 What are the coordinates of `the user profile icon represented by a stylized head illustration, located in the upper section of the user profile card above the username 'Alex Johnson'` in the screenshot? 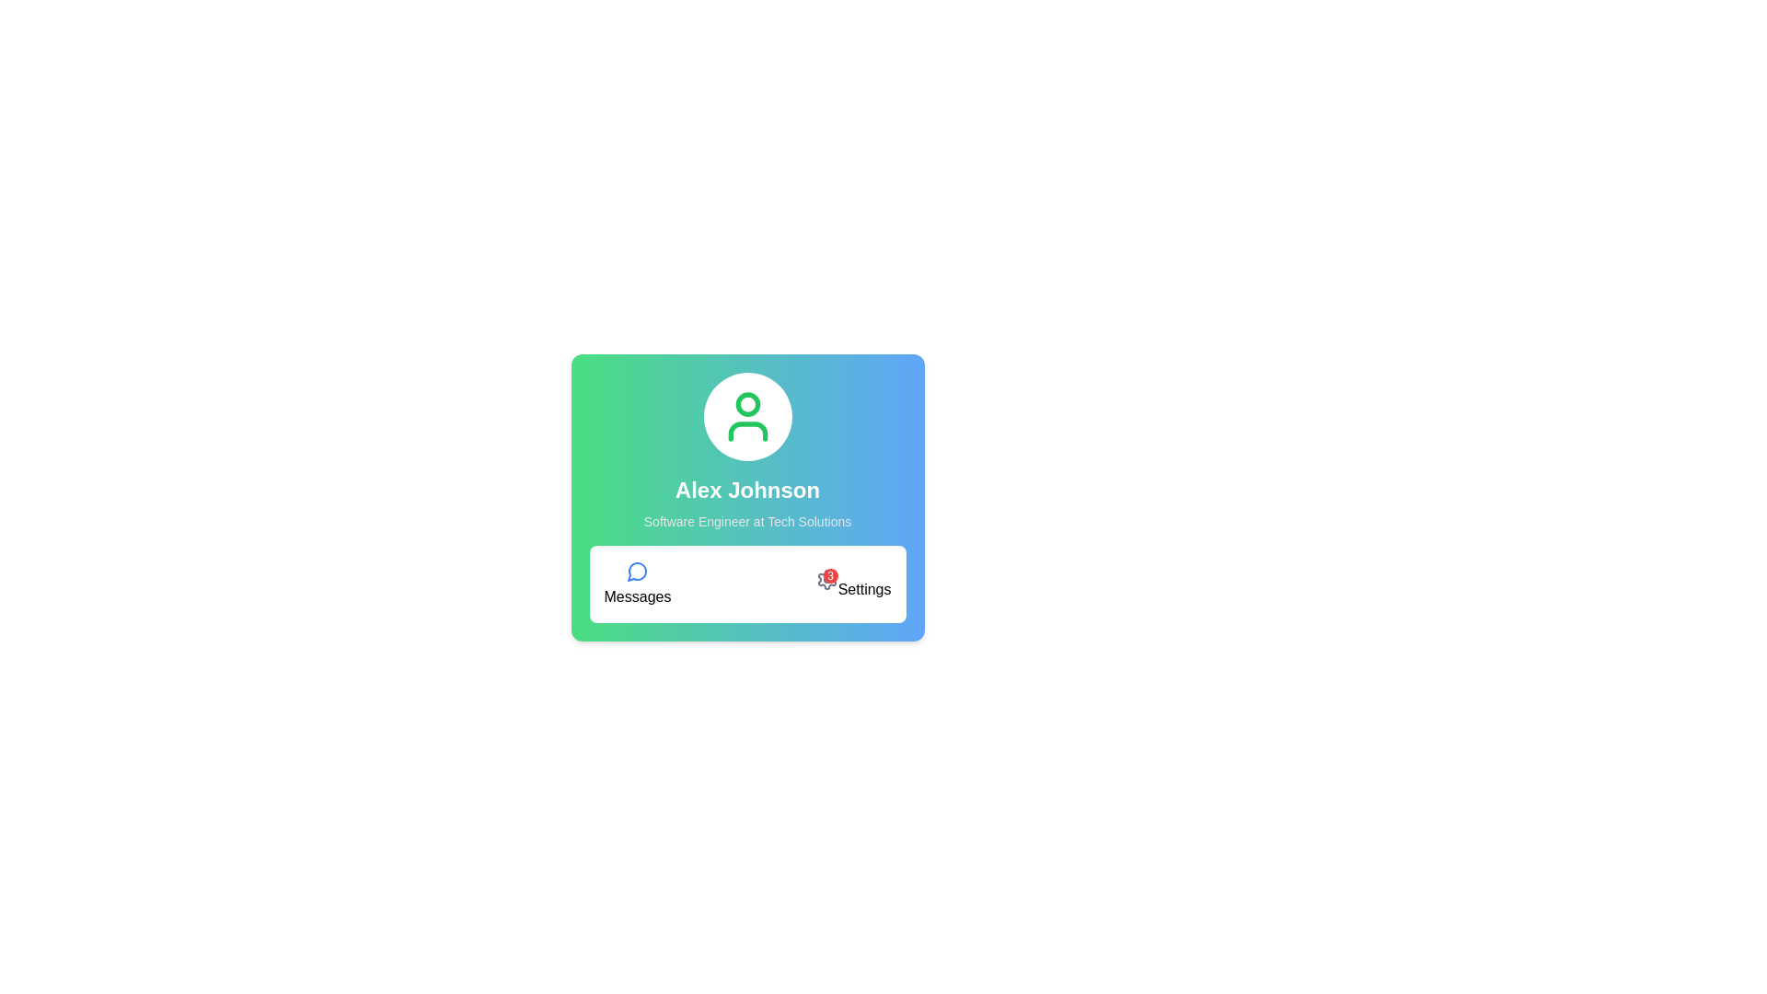 It's located at (747, 403).